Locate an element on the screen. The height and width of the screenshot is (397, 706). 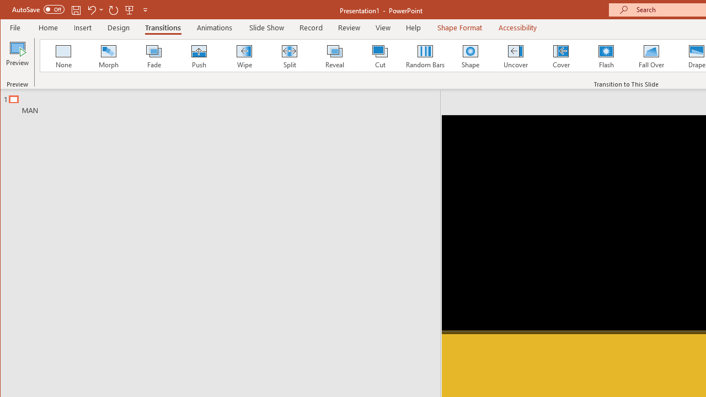
'Flash' is located at coordinates (606, 55).